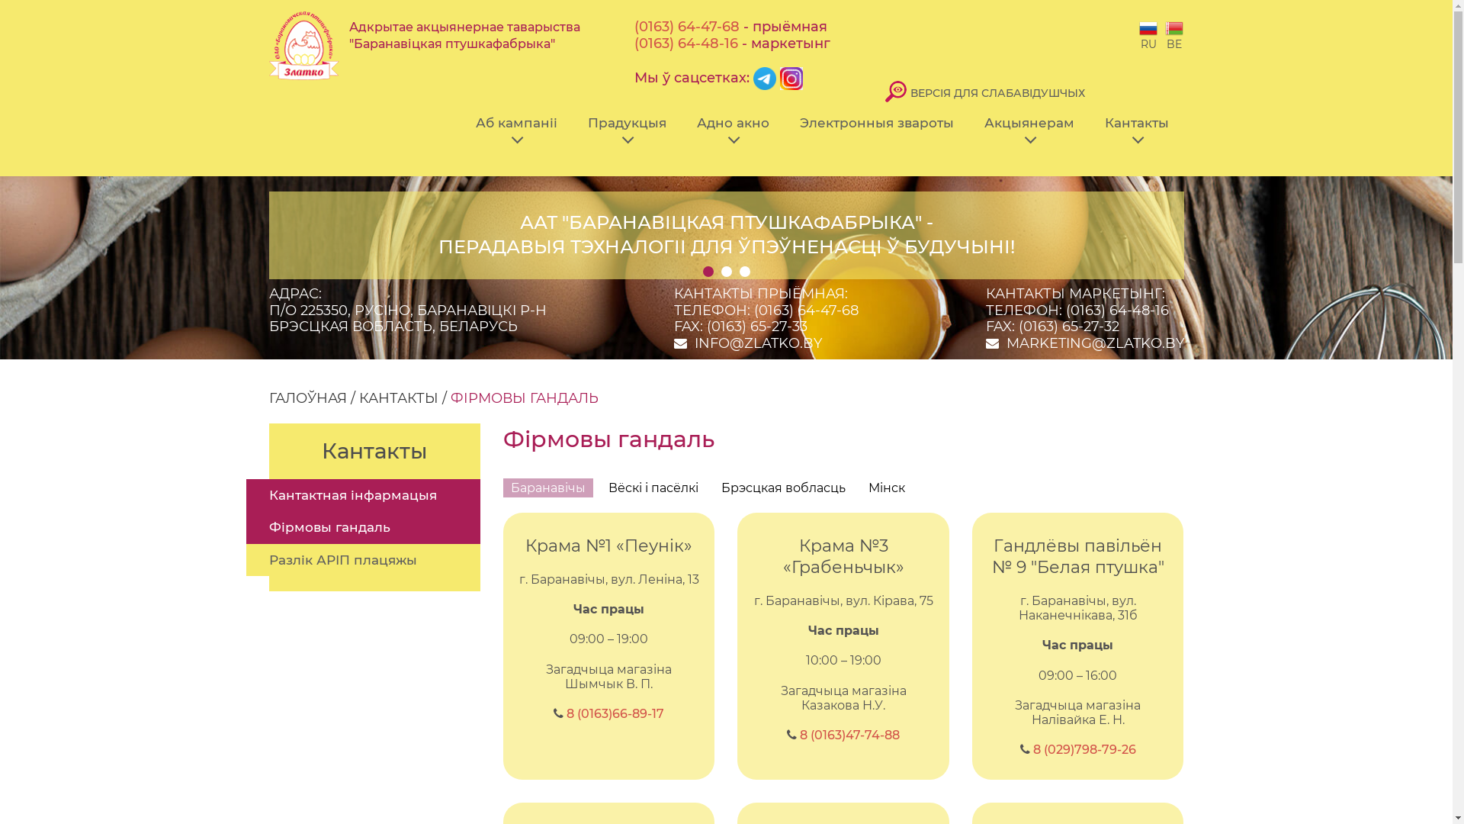 The width and height of the screenshot is (1464, 824). Describe the element at coordinates (615, 713) in the screenshot. I see `'8 (0163)66-89-17'` at that location.